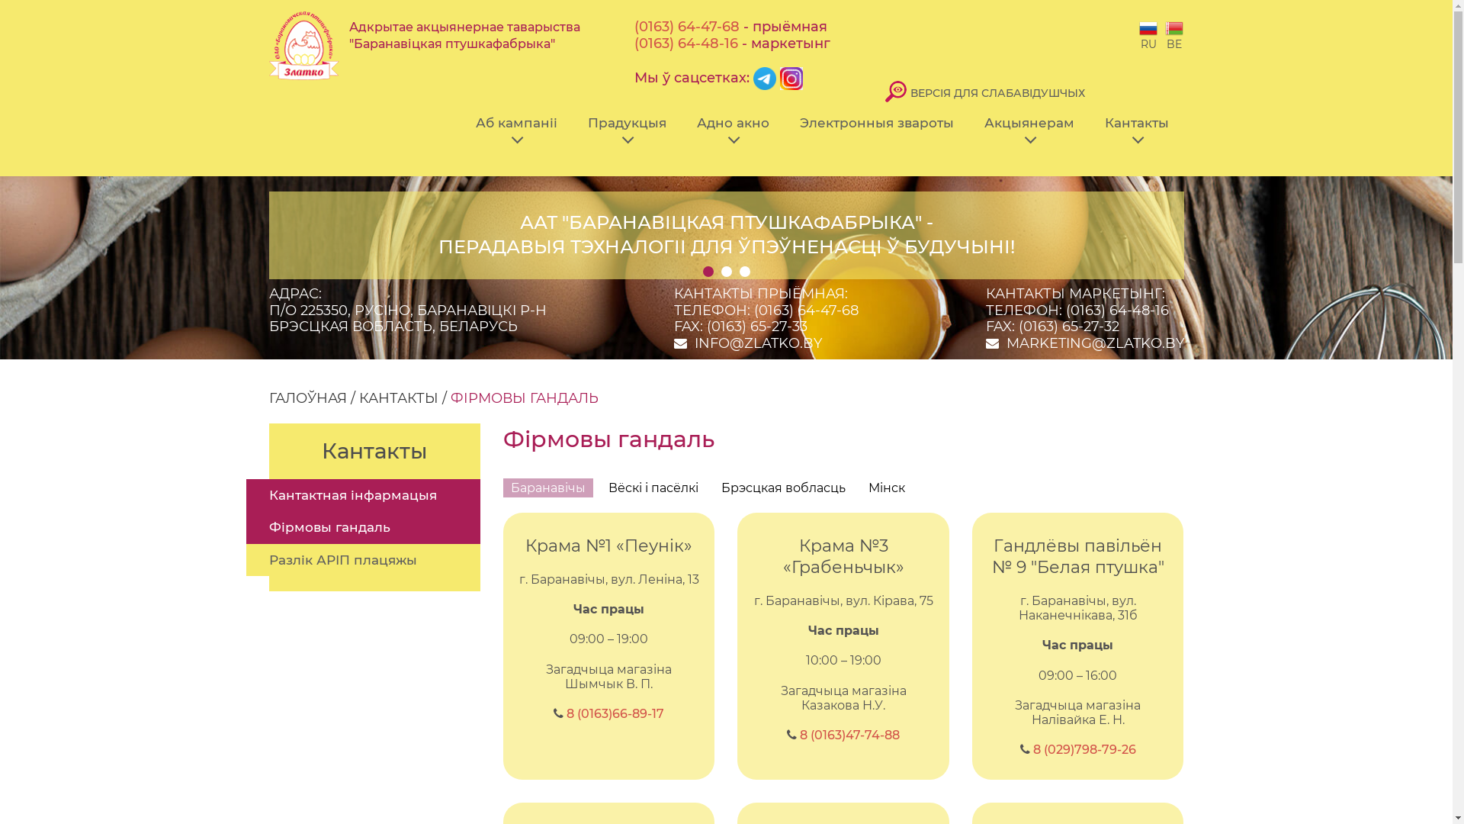 The width and height of the screenshot is (1464, 824). Describe the element at coordinates (615, 713) in the screenshot. I see `'8 (0163)66-89-17'` at that location.